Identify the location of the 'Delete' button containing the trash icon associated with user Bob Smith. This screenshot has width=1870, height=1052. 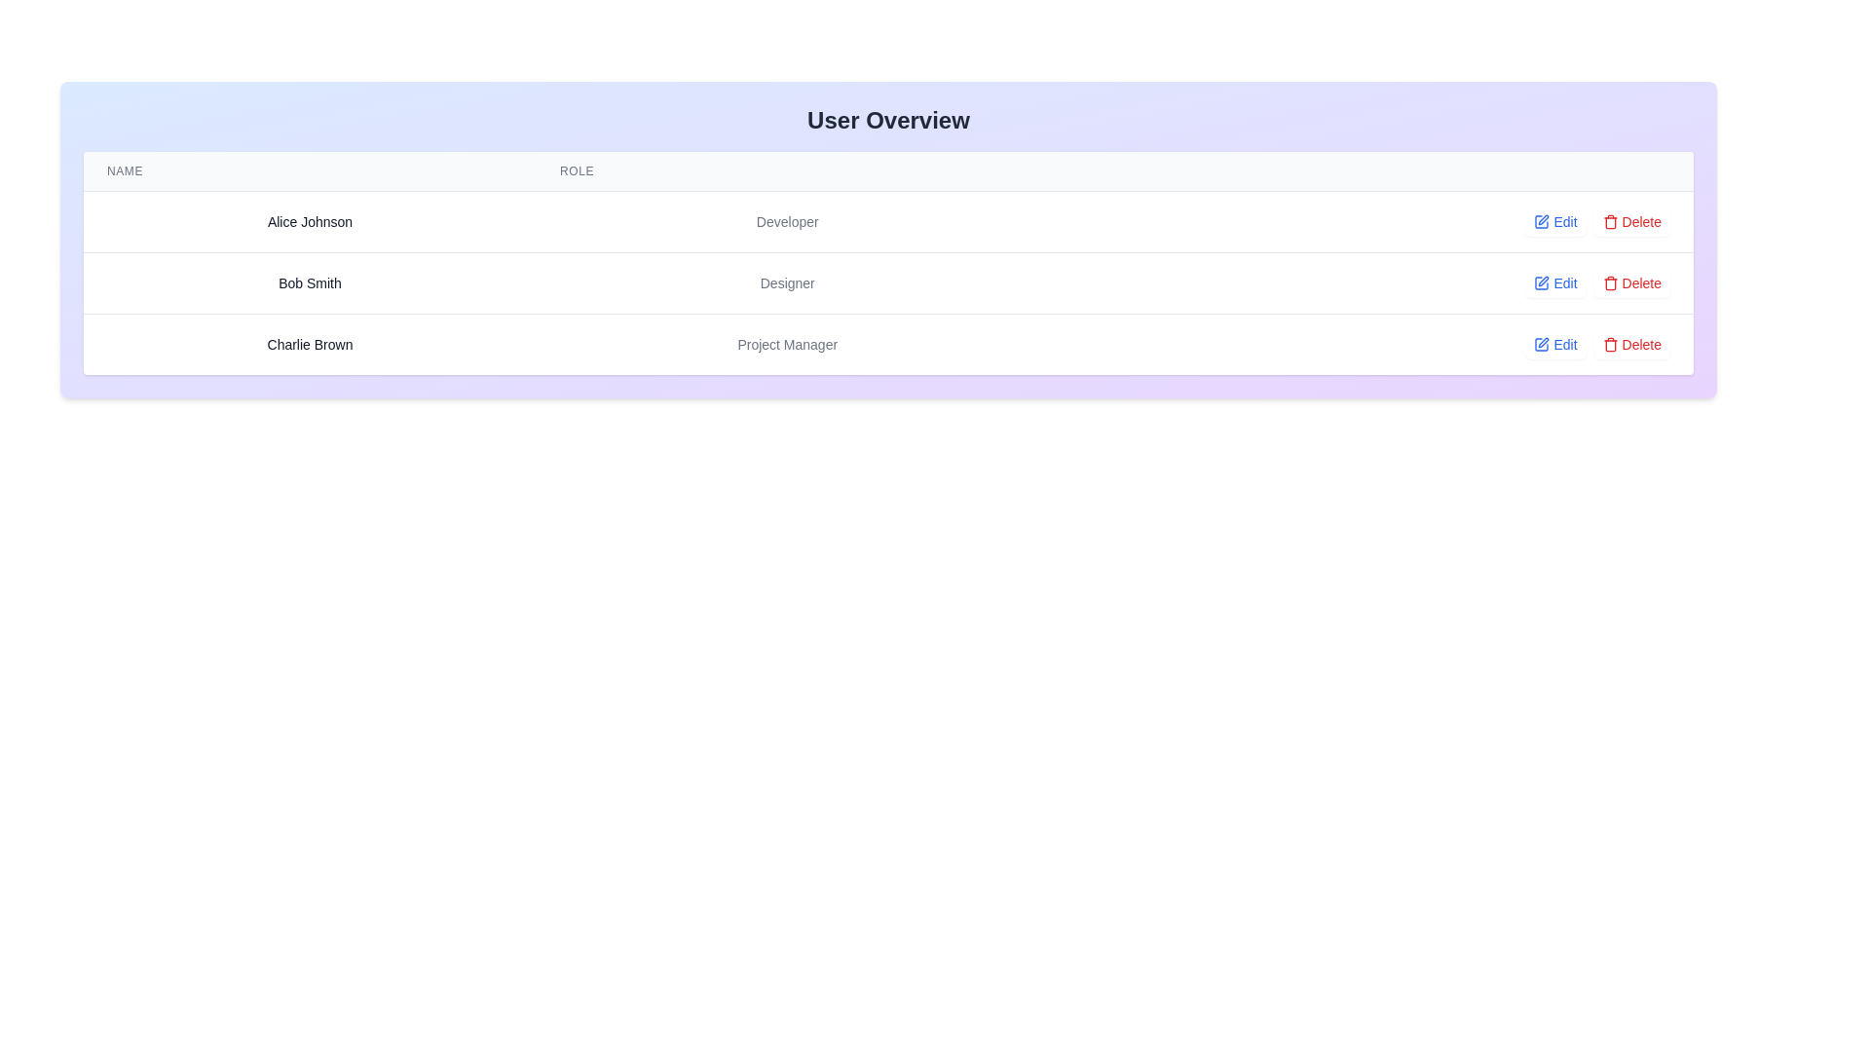
(1610, 222).